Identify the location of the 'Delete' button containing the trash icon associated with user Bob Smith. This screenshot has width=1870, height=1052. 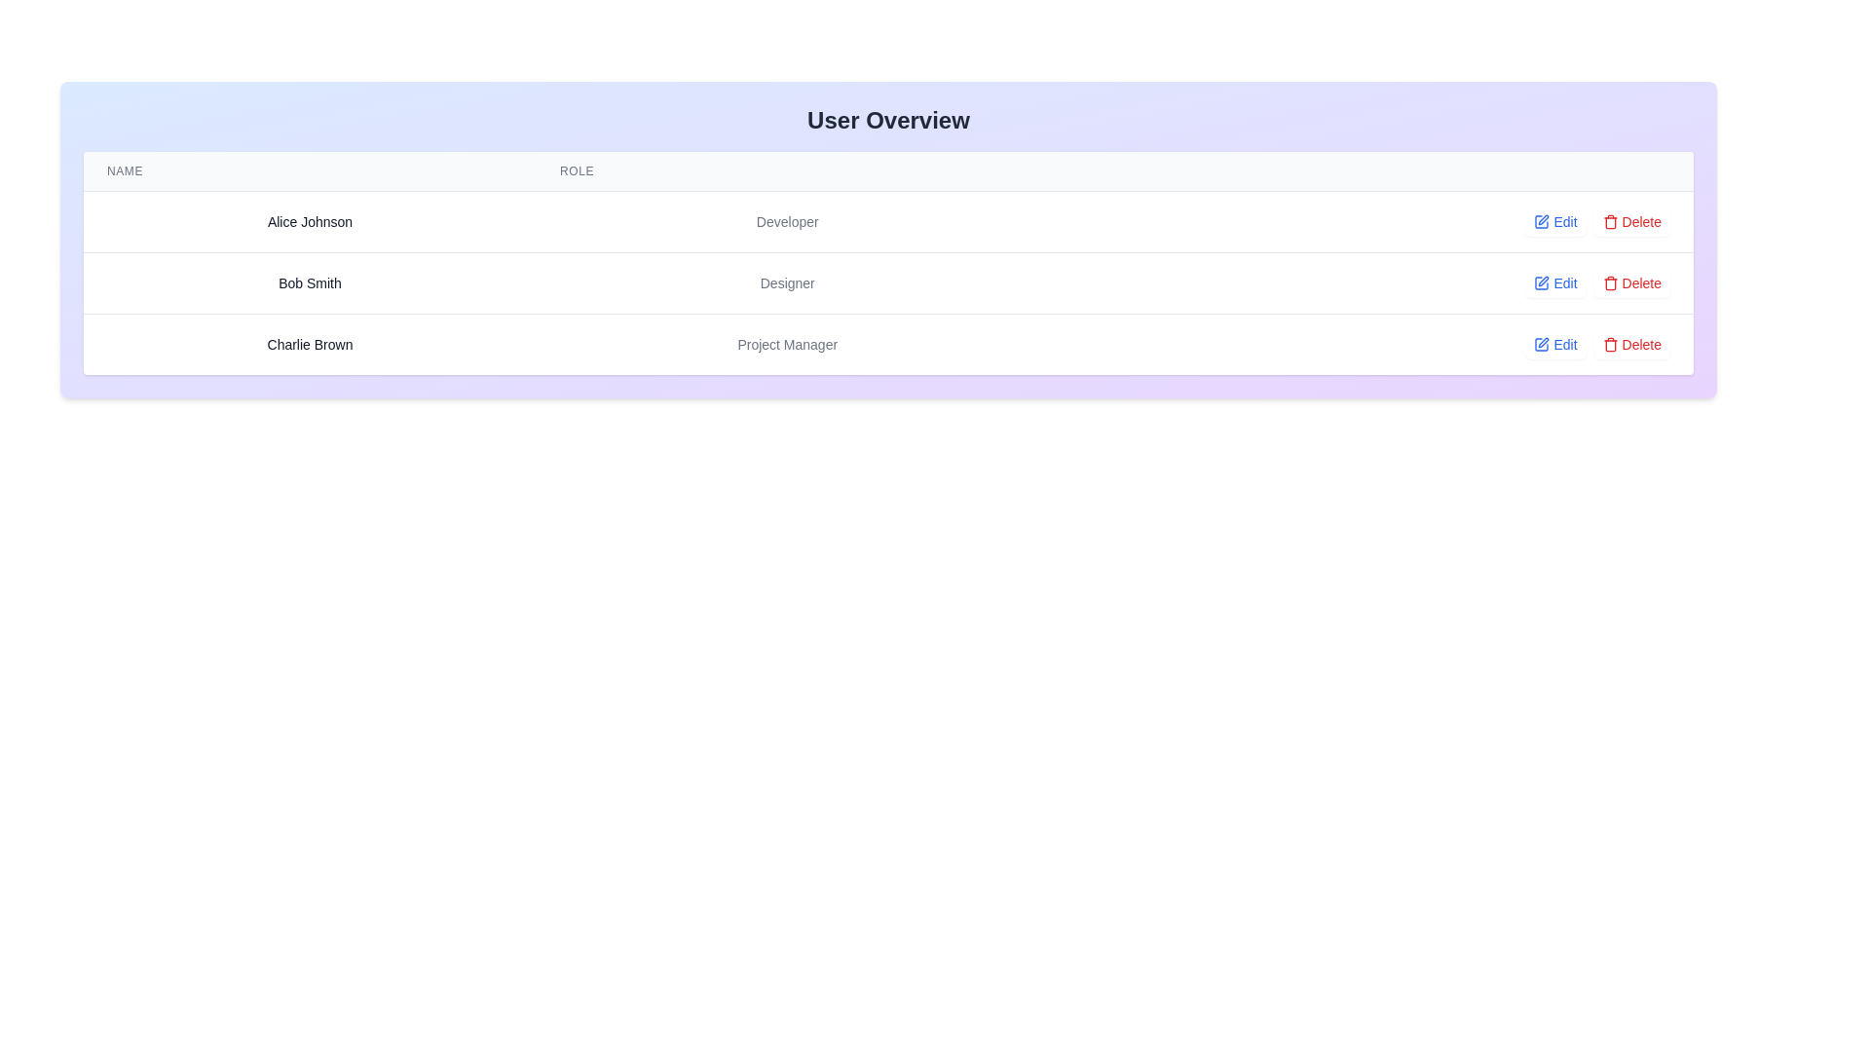
(1610, 222).